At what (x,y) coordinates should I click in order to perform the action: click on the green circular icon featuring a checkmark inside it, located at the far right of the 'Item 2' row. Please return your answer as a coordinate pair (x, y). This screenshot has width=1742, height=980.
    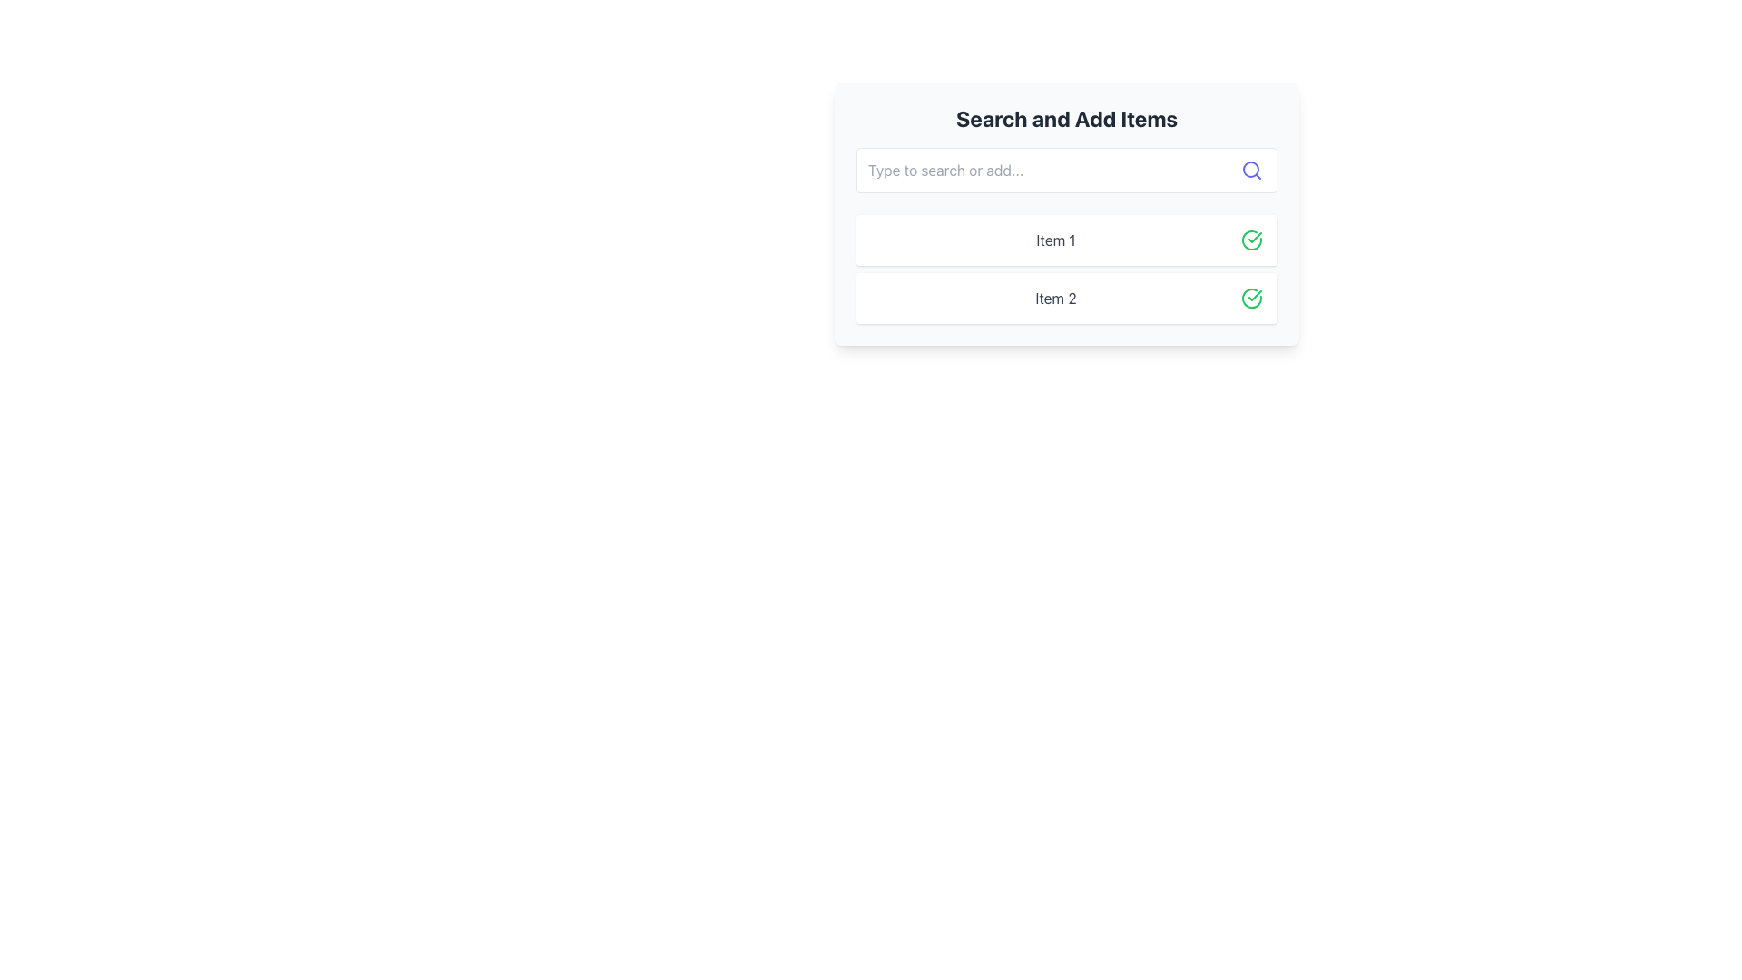
    Looking at the image, I should click on (1251, 297).